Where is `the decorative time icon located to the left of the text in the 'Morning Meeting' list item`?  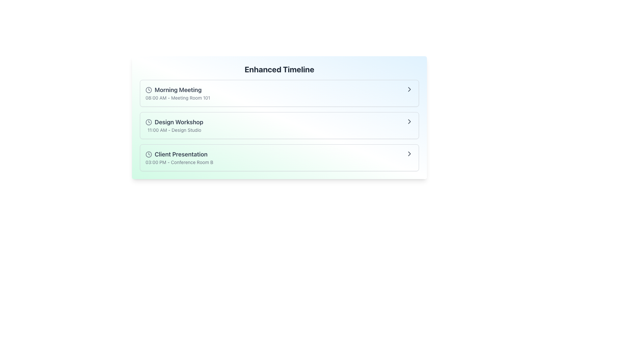
the decorative time icon located to the left of the text in the 'Morning Meeting' list item is located at coordinates (148, 90).